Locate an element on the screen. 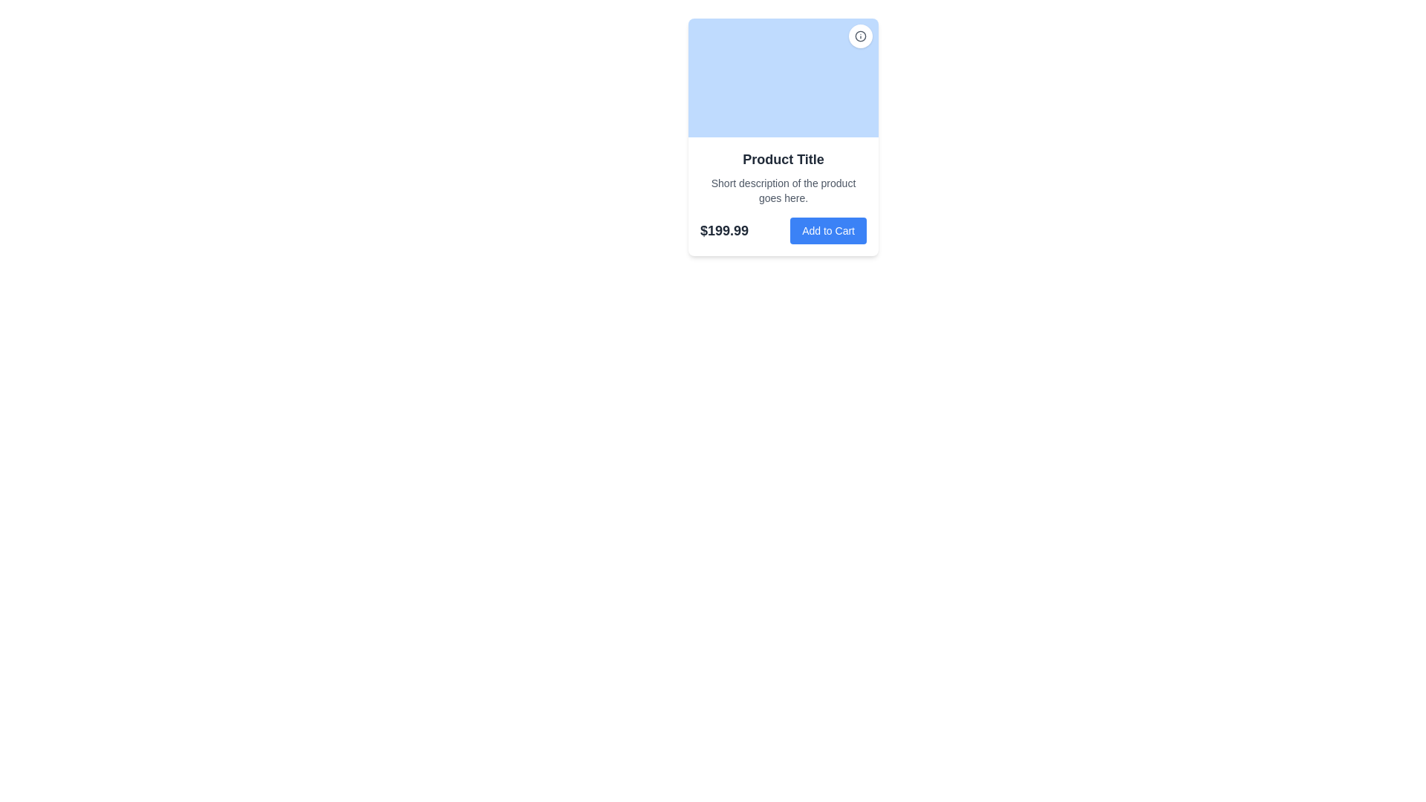  the circular decorative component located in the top-right corner of the product card, which is part of an icon-like structure is located at coordinates (860, 36).